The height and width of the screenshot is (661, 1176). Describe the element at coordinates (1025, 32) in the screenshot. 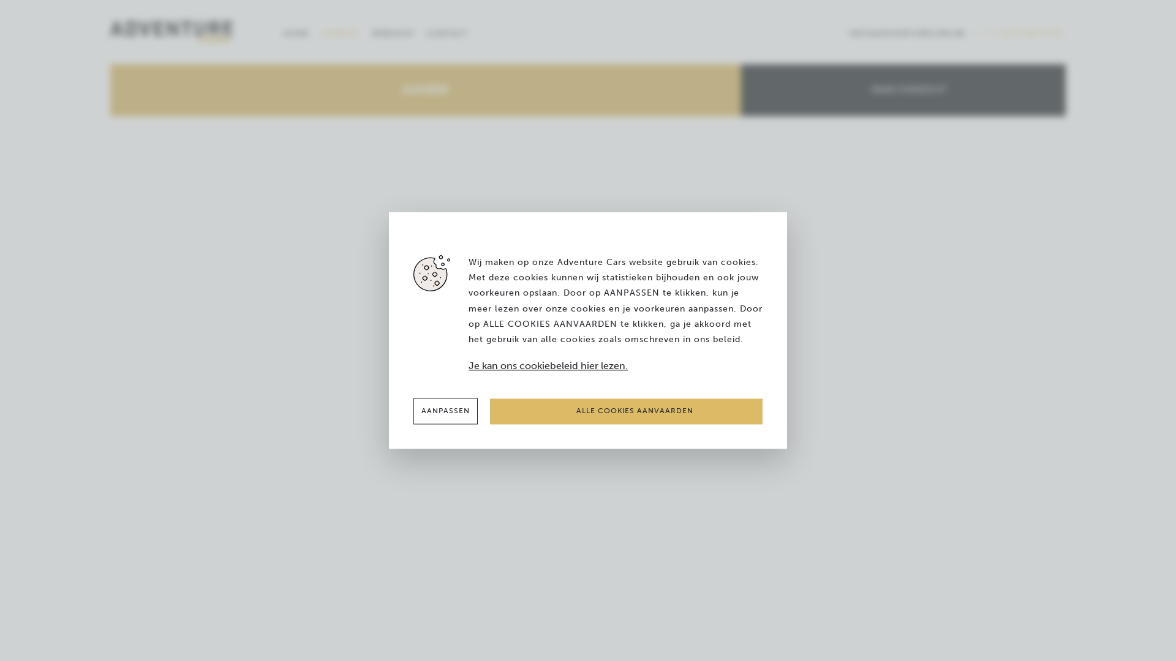

I see `'T. +32 9 230 79 81'` at that location.